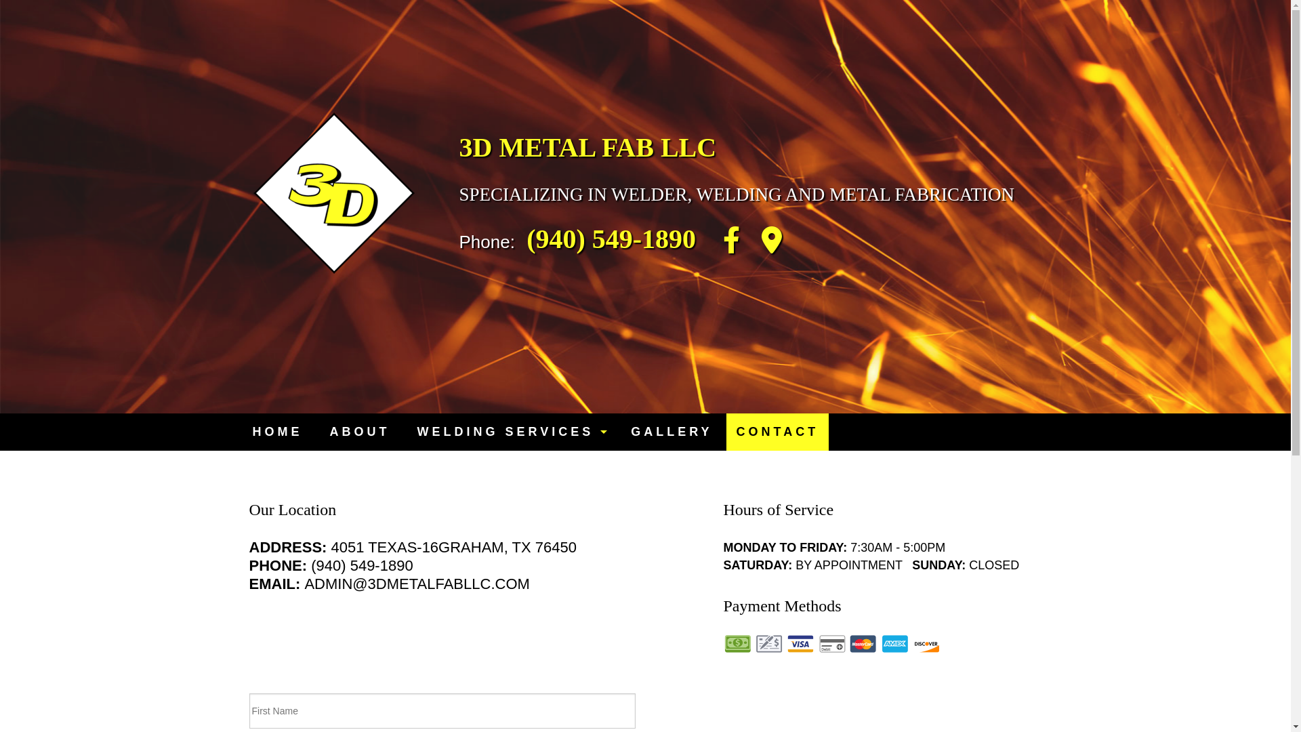  I want to click on 'Discover', so click(926, 643).